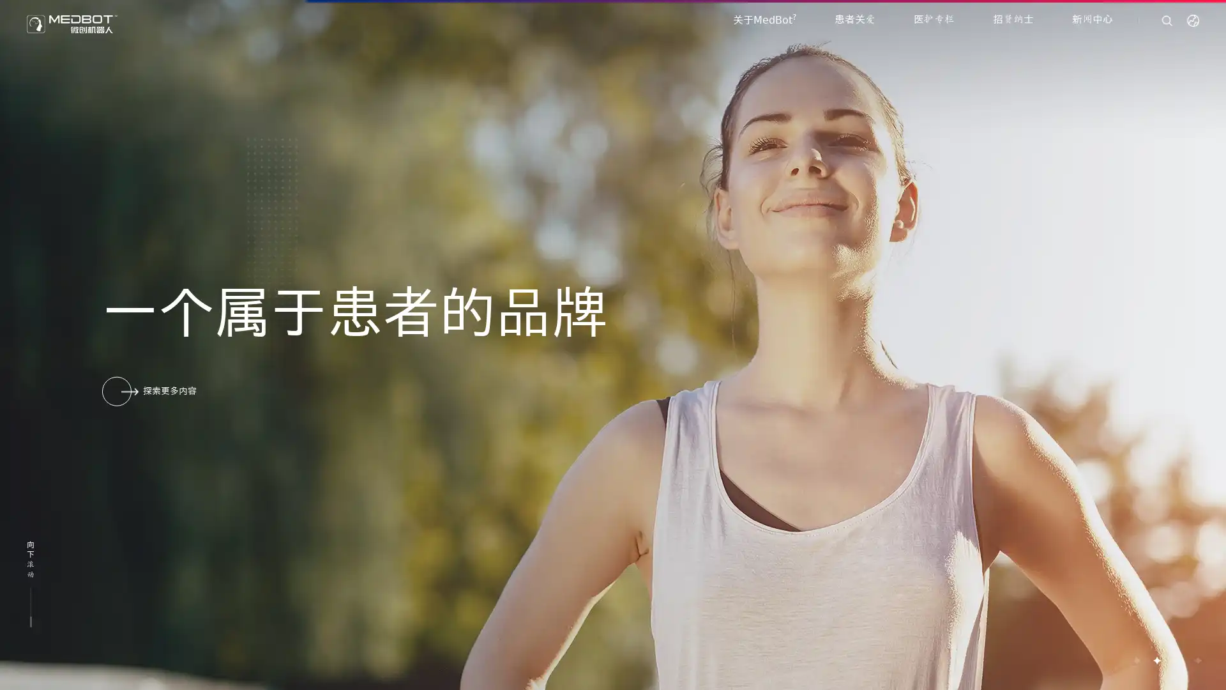 This screenshot has width=1226, height=690. I want to click on Go to slide 4, so click(1197, 660).